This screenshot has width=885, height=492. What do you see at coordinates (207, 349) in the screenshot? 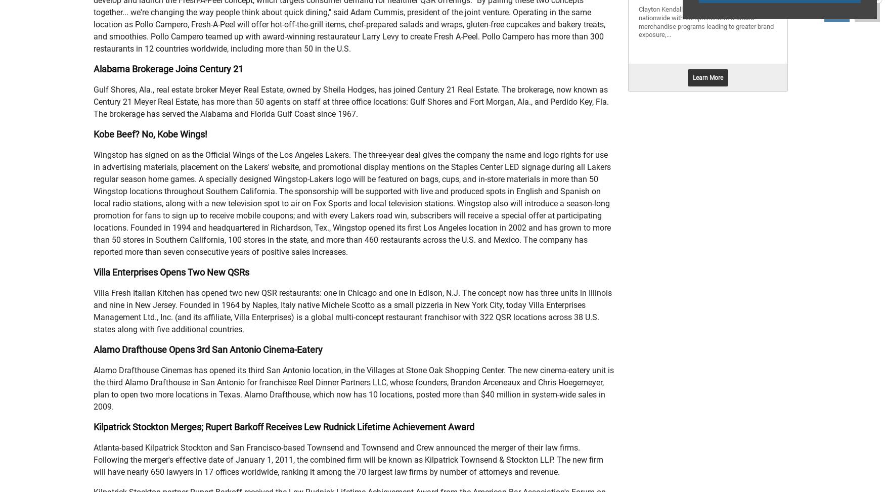
I see `'Alamo Drafthouse Opens 3rd San Antonio Cinema-Eatery'` at bounding box center [207, 349].